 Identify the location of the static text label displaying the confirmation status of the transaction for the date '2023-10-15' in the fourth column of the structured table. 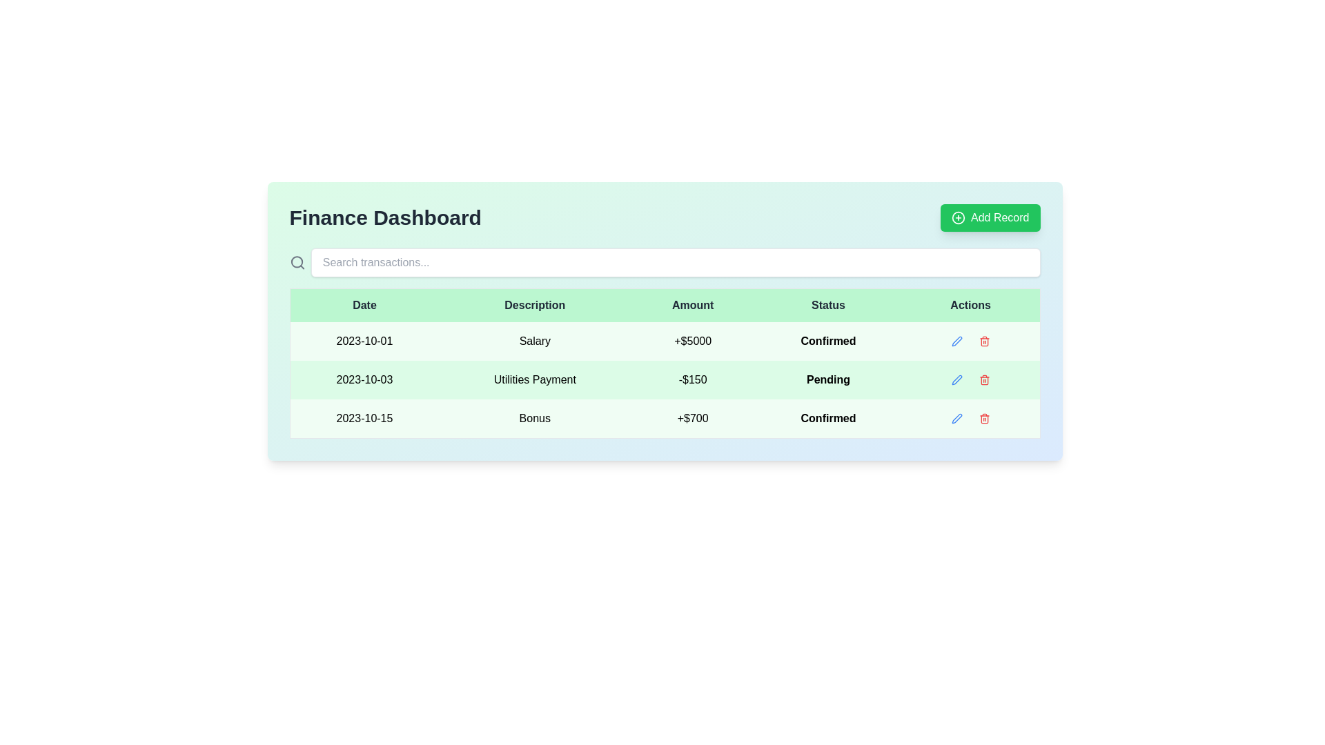
(828, 418).